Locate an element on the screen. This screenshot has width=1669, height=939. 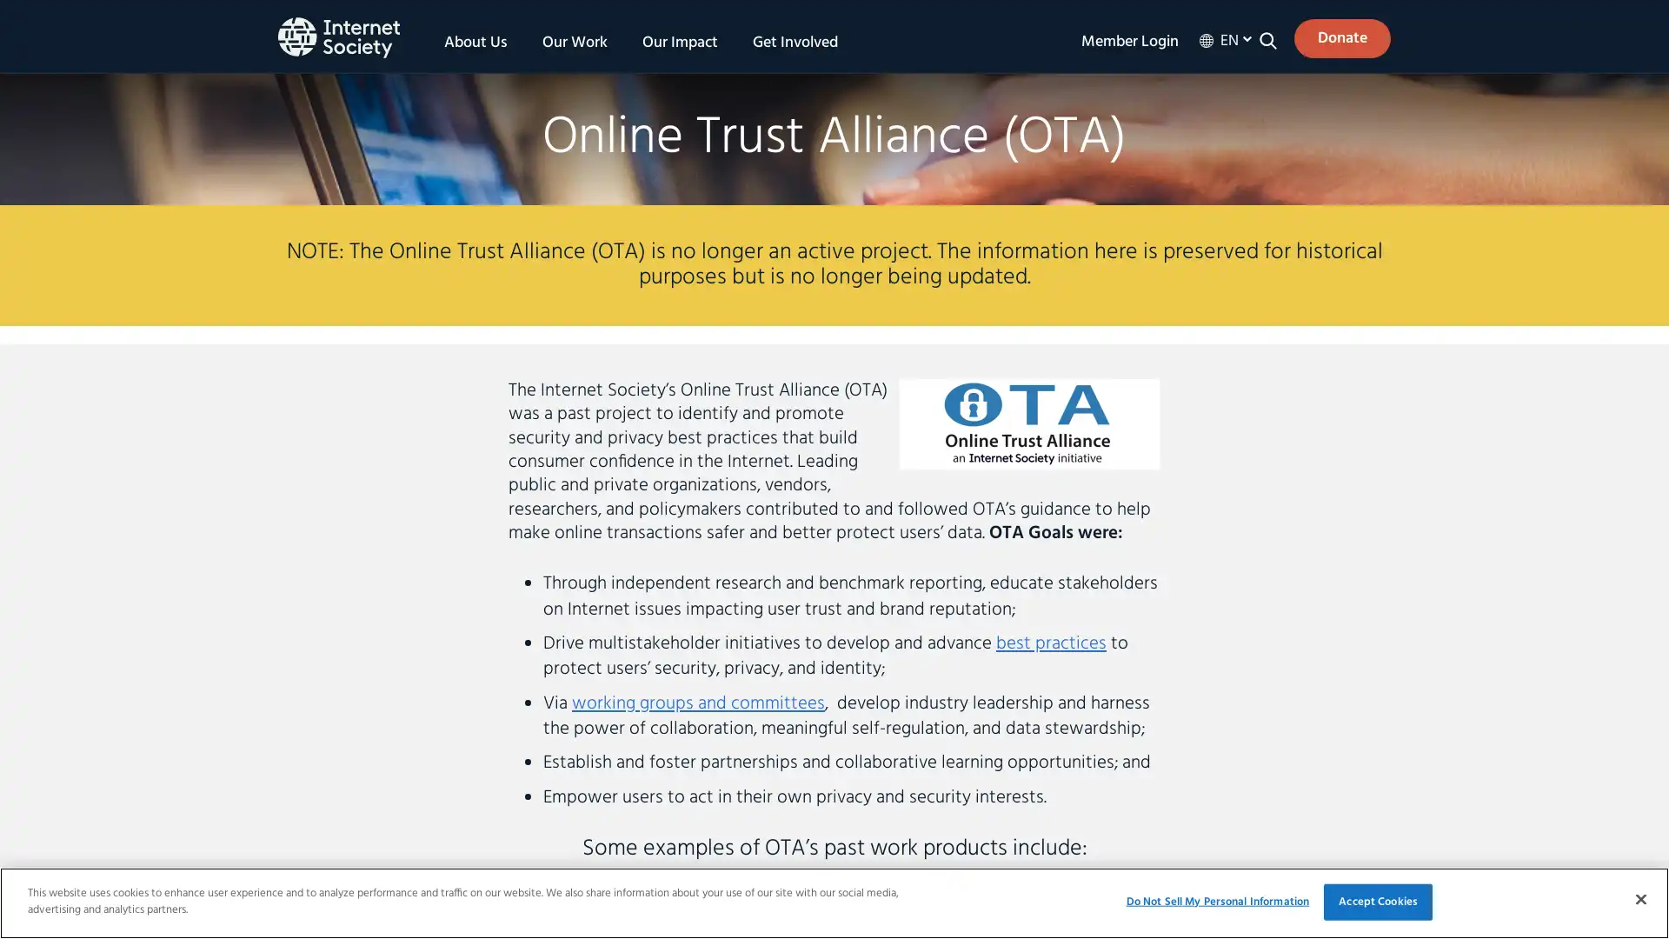
Close is located at coordinates (1639, 898).